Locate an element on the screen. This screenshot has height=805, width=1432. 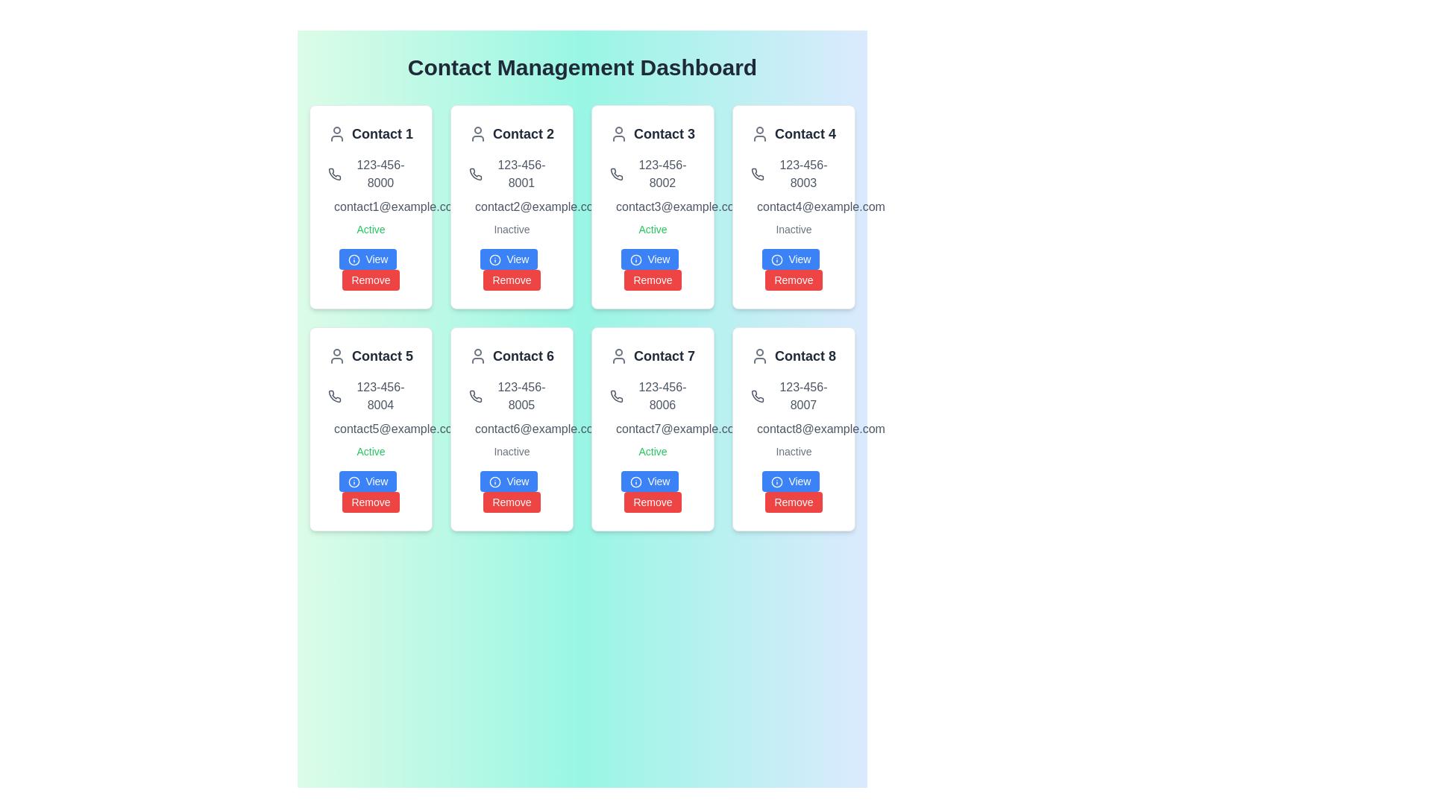
the rectangular body of the envelope icon located next to the header text 'Contact 3' in the third card of the contact dashboard is located at coordinates (619, 209).